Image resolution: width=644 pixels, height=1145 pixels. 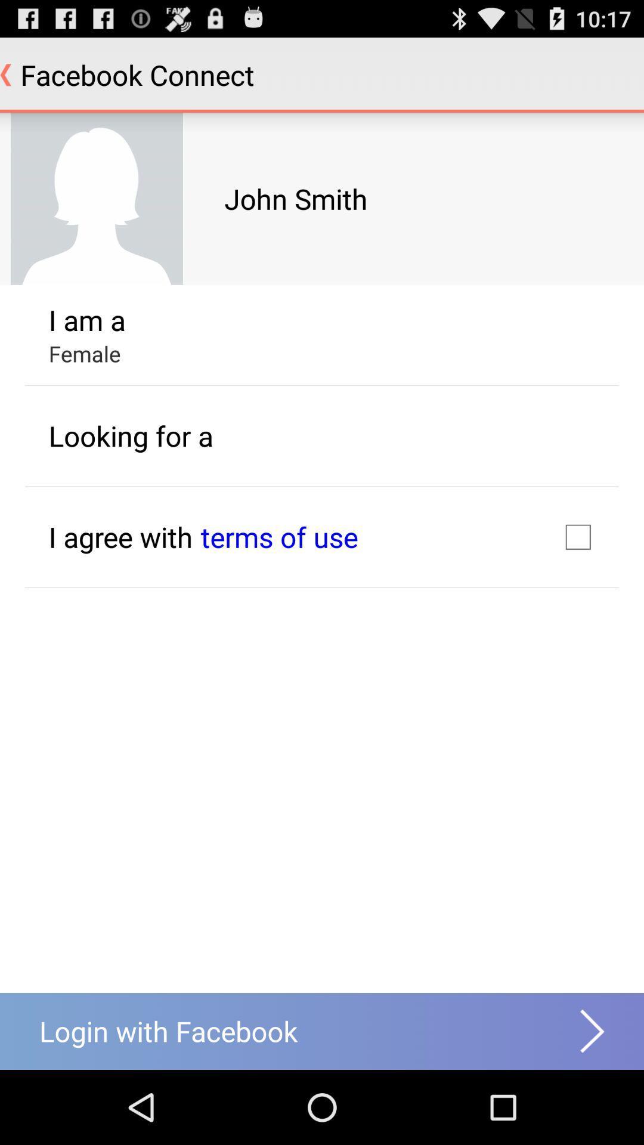 I want to click on the i am a icon, so click(x=86, y=320).